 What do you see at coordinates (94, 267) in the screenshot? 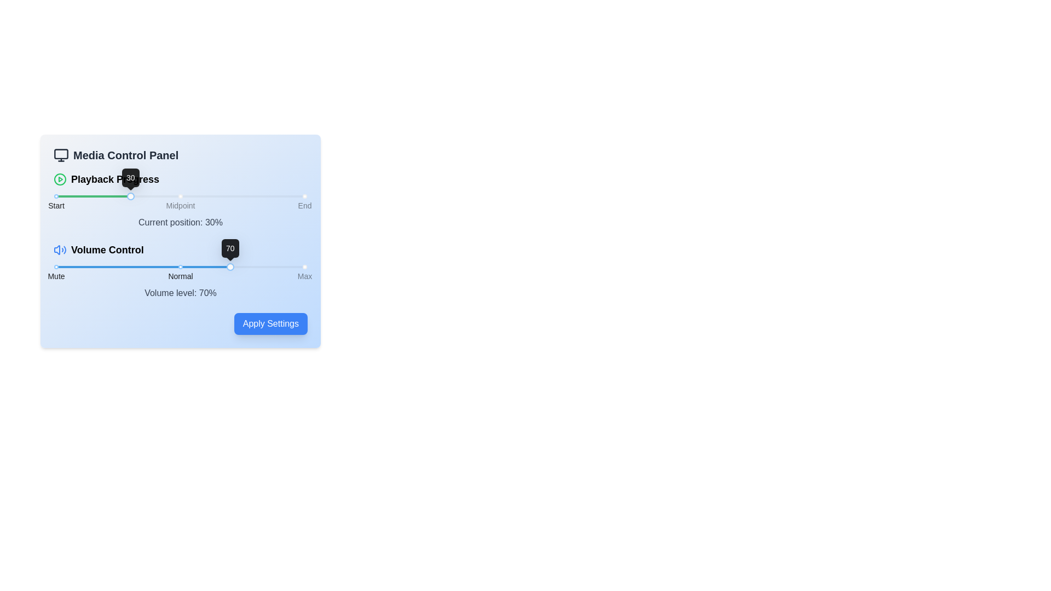
I see `the slider` at bounding box center [94, 267].